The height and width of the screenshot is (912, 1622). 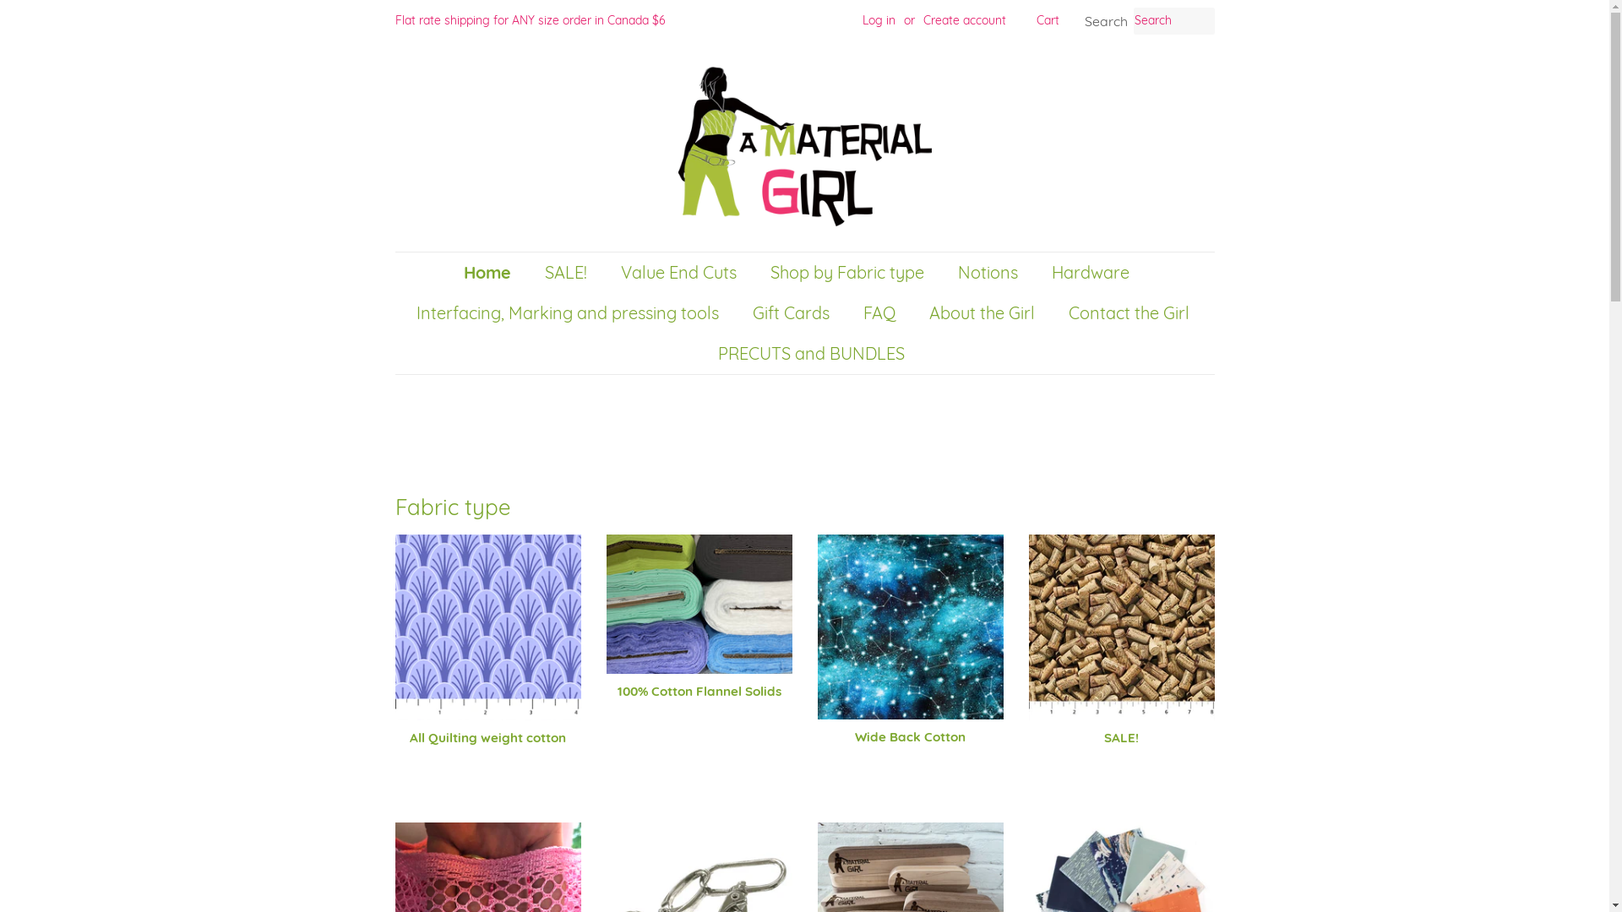 I want to click on 'Search', so click(x=1107, y=21).